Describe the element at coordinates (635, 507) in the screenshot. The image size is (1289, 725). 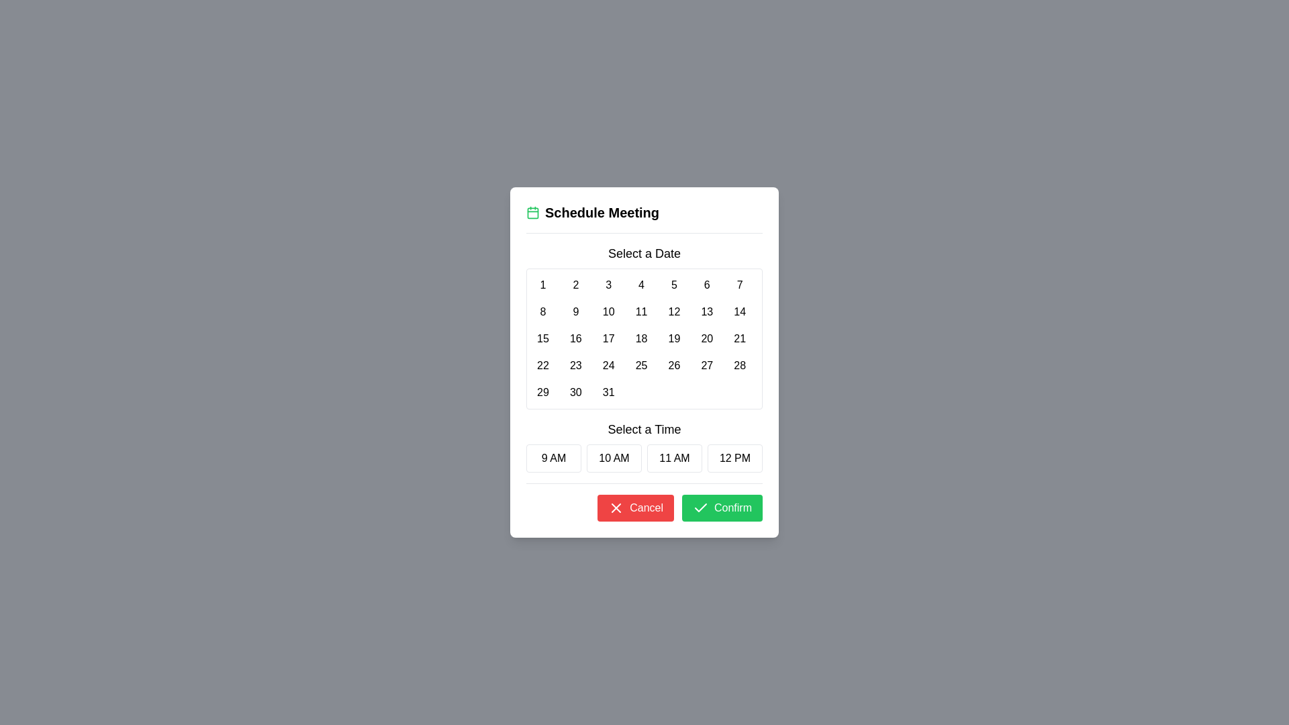
I see `the 'Cancel' button with a red background and an 'X' icon` at that location.